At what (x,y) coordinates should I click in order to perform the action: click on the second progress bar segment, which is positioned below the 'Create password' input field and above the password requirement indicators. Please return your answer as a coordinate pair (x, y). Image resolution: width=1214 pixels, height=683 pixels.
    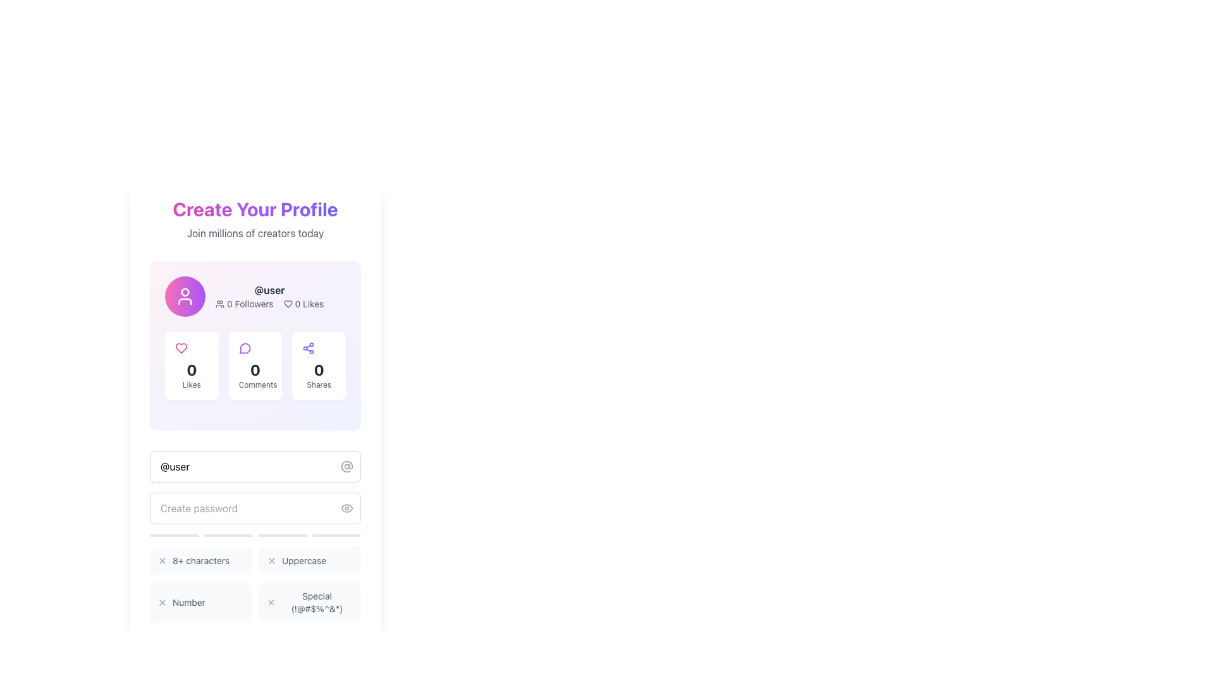
    Looking at the image, I should click on (228, 536).